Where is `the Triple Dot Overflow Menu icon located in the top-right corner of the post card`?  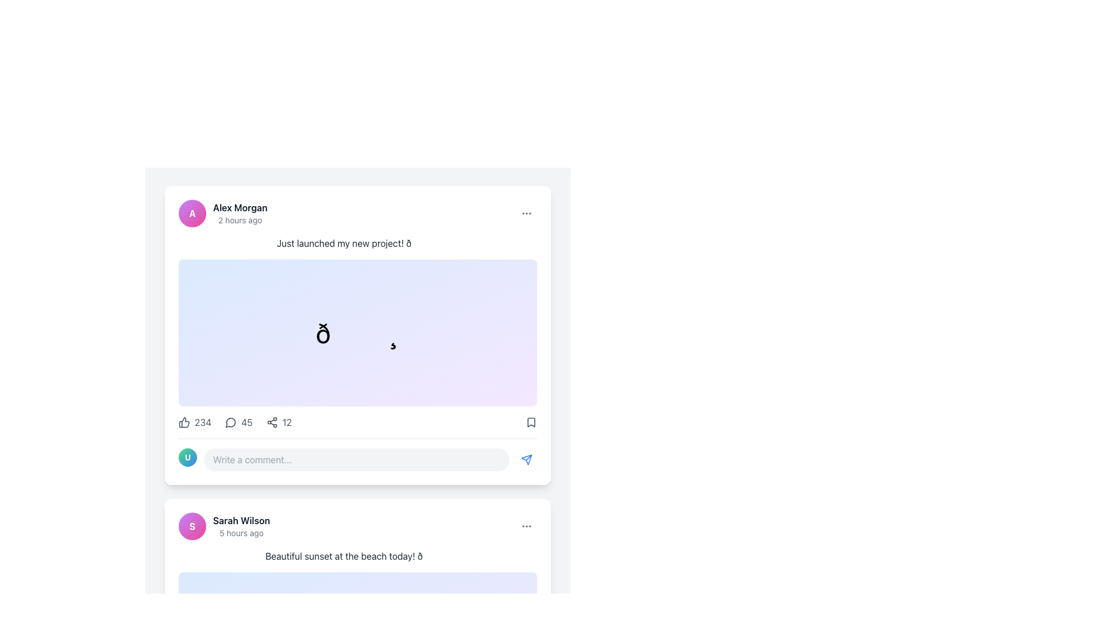 the Triple Dot Overflow Menu icon located in the top-right corner of the post card is located at coordinates (526, 526).